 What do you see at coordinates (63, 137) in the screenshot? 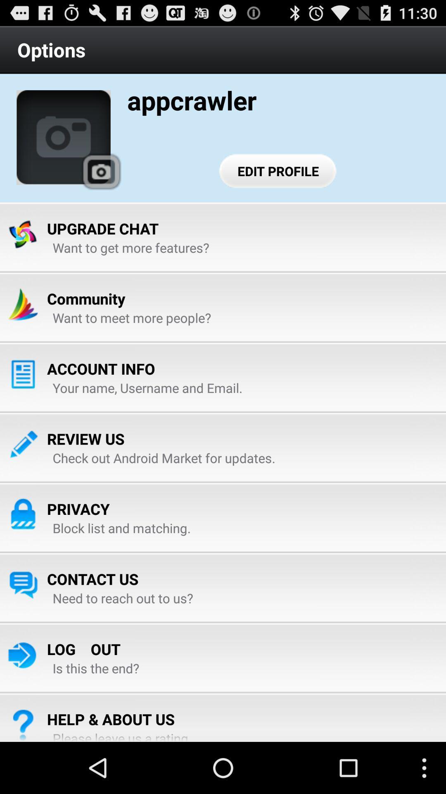
I see `profile photo` at bounding box center [63, 137].